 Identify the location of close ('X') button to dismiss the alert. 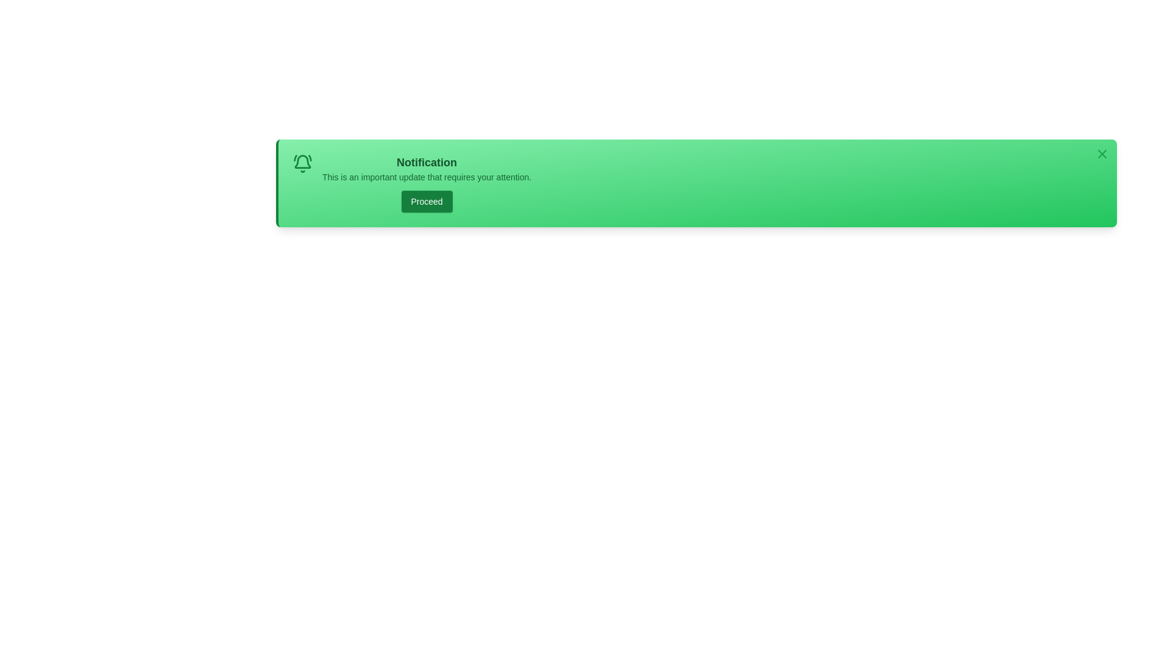
(1102, 154).